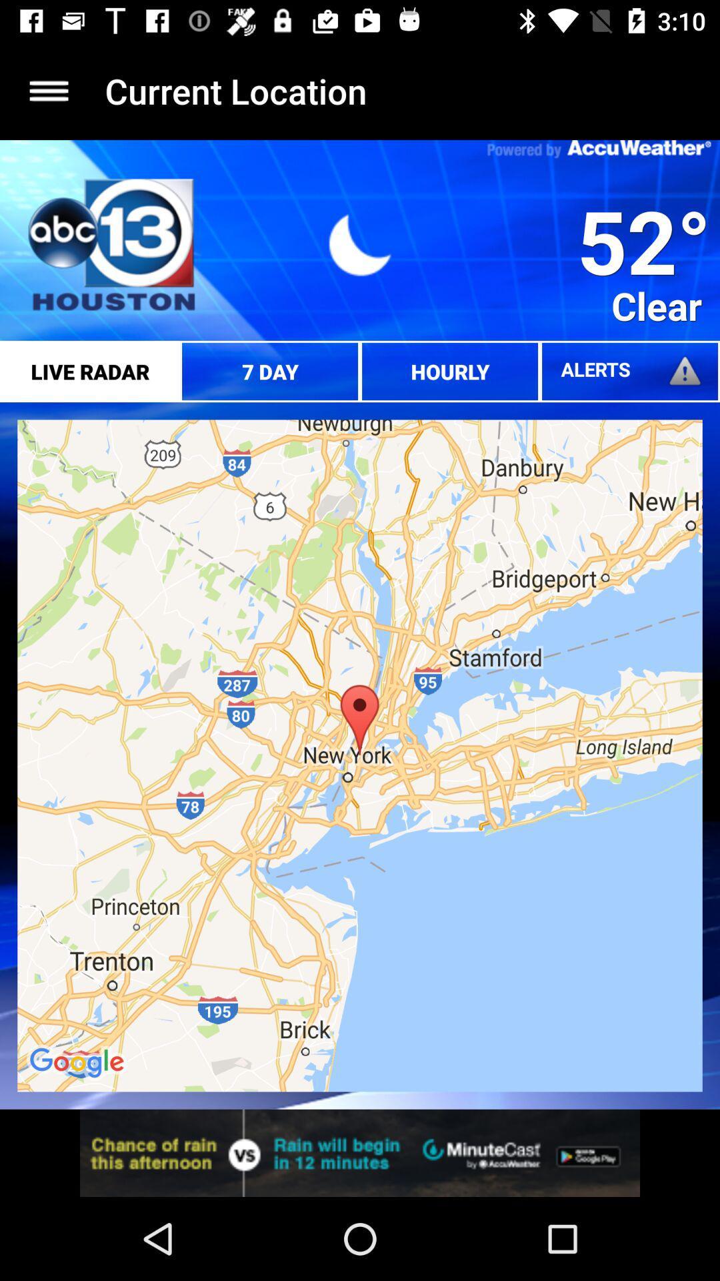 This screenshot has height=1281, width=720. I want to click on open advertisement, so click(360, 1152).